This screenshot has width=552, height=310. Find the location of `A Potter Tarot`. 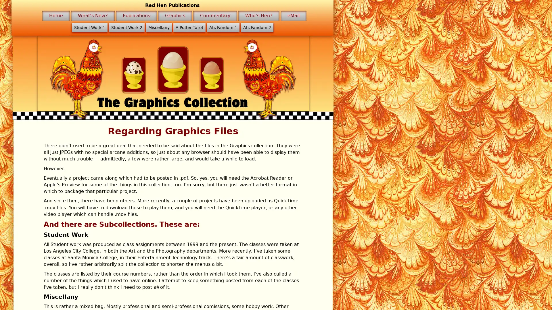

A Potter Tarot is located at coordinates (189, 28).